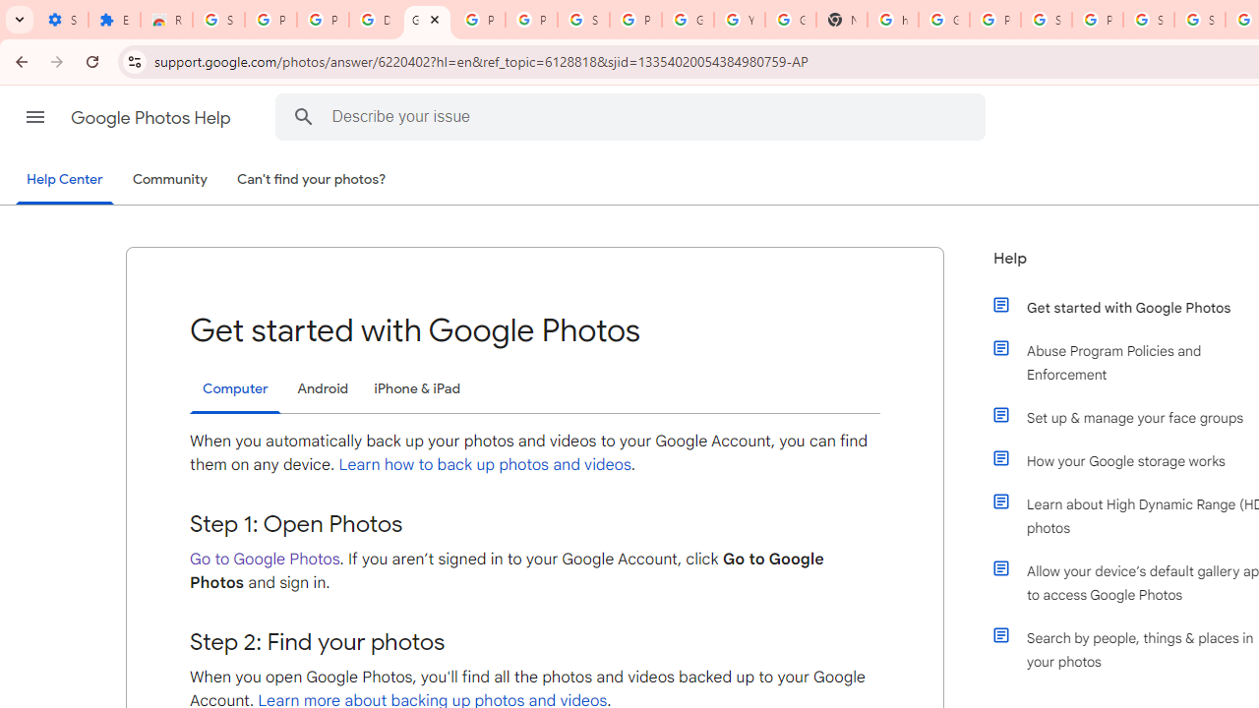 The image size is (1259, 708). Describe the element at coordinates (62, 20) in the screenshot. I see `'Settings - On startup'` at that location.